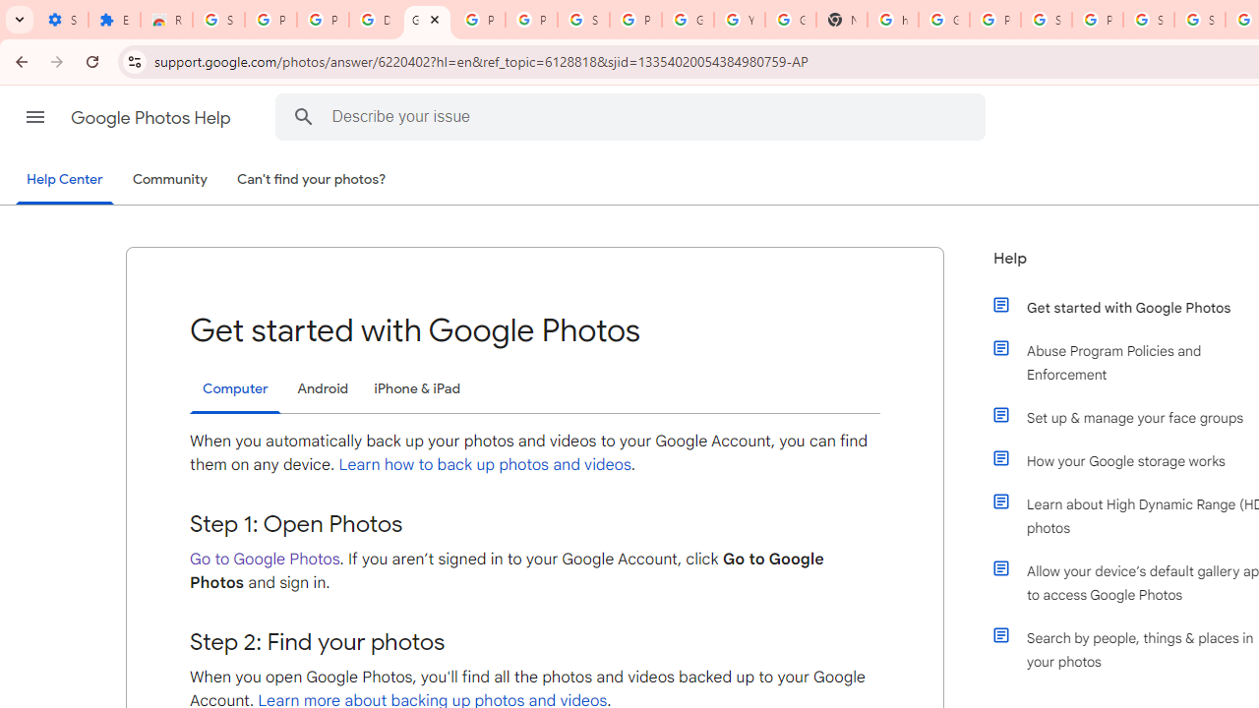 The image size is (1259, 708). Describe the element at coordinates (62, 20) in the screenshot. I see `'Settings - On startup'` at that location.